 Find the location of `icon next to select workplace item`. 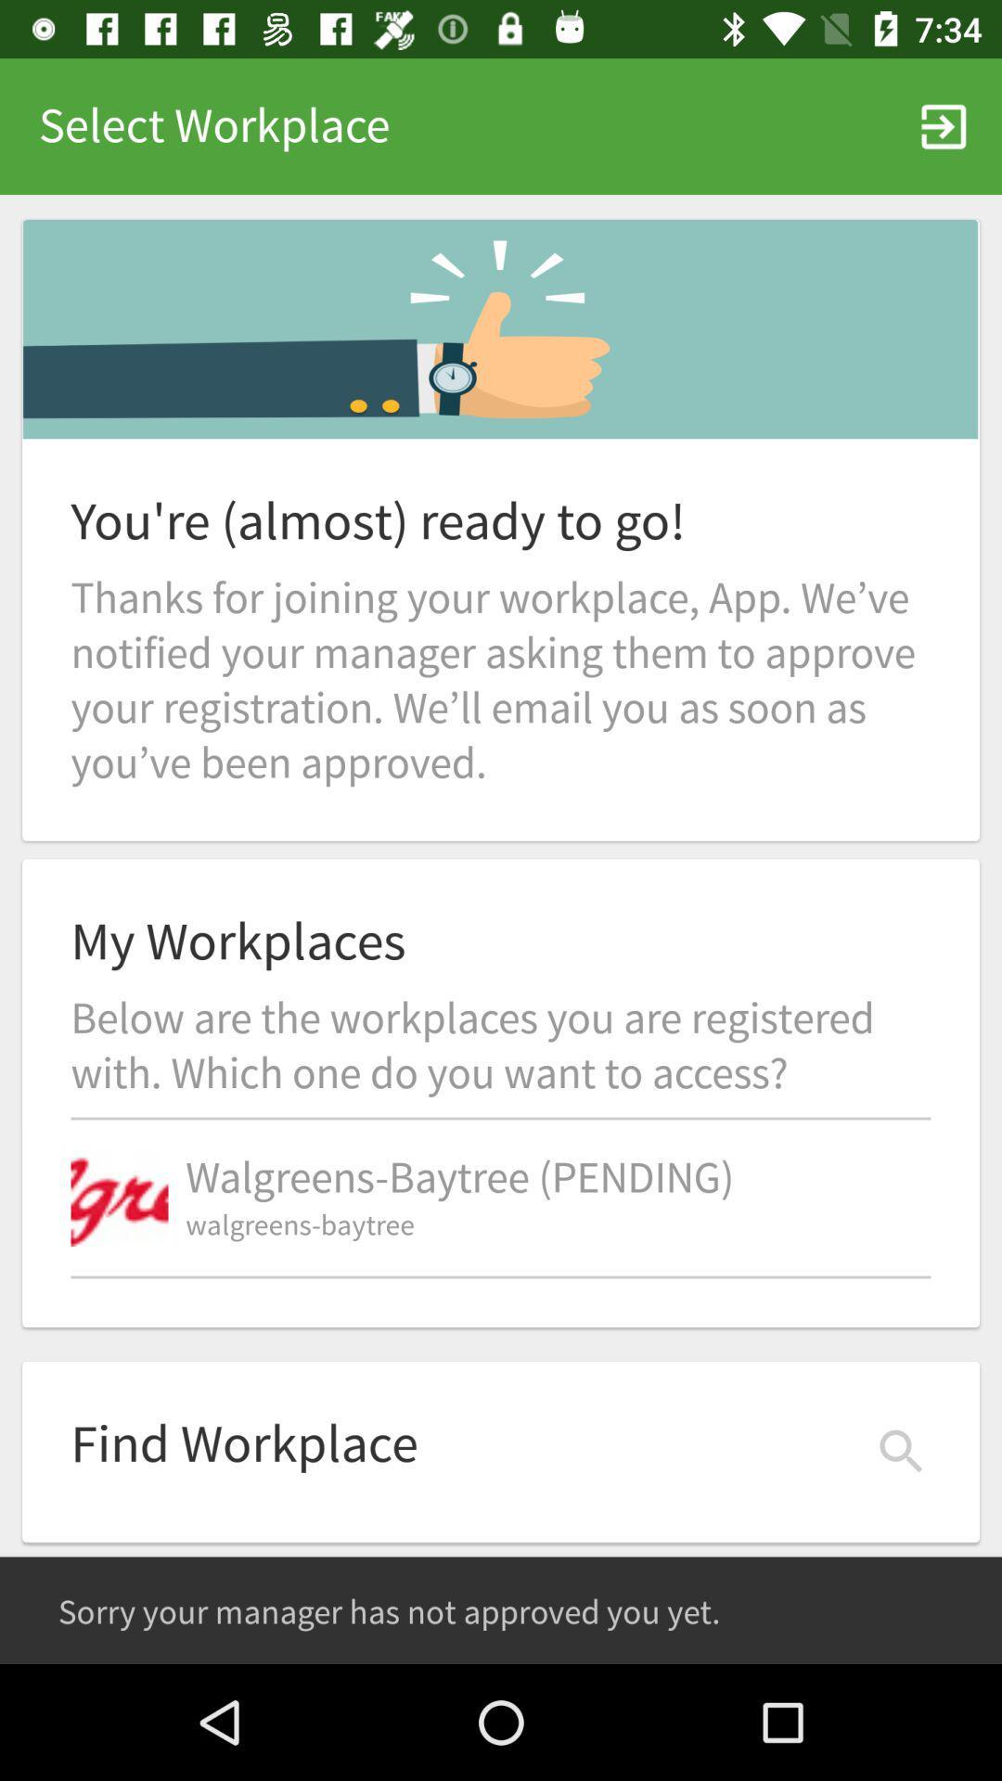

icon next to select workplace item is located at coordinates (944, 125).